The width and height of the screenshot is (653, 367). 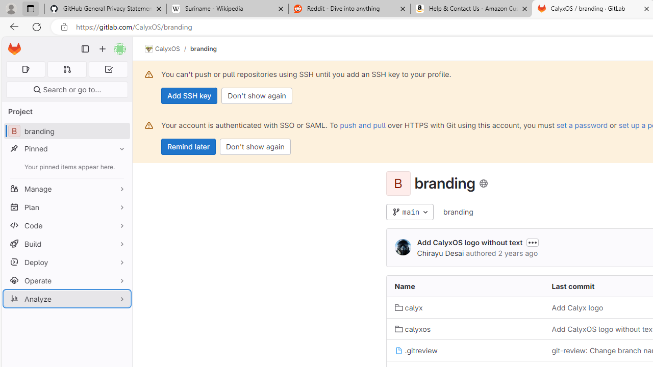 I want to click on 'Chirayu Desai', so click(x=402, y=248).